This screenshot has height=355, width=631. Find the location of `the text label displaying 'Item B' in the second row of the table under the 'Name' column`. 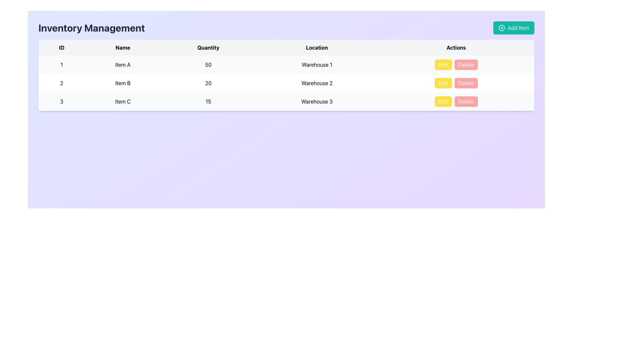

the text label displaying 'Item B' in the second row of the table under the 'Name' column is located at coordinates (123, 83).